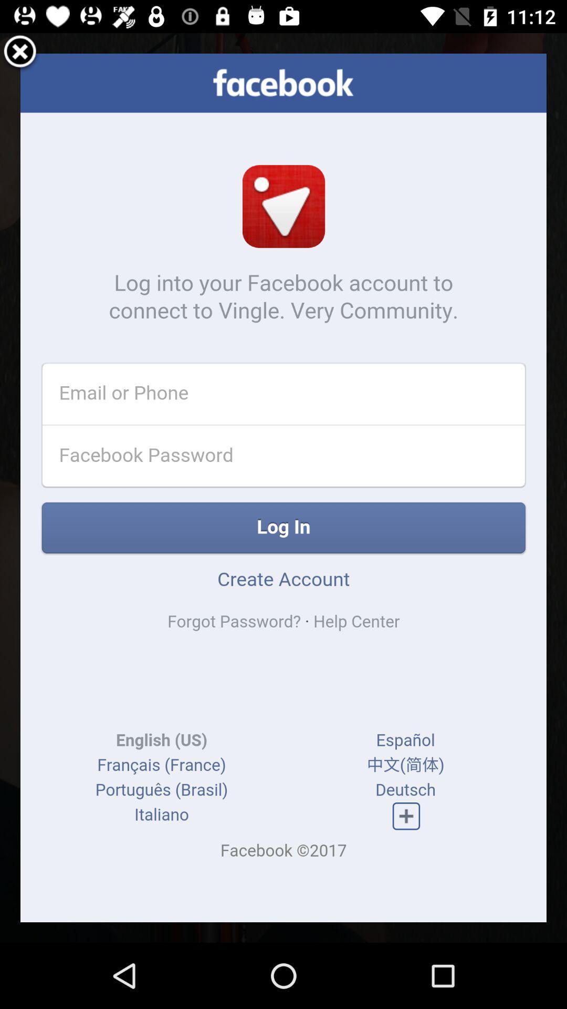  What do you see at coordinates (20, 55) in the screenshot?
I see `the close icon` at bounding box center [20, 55].